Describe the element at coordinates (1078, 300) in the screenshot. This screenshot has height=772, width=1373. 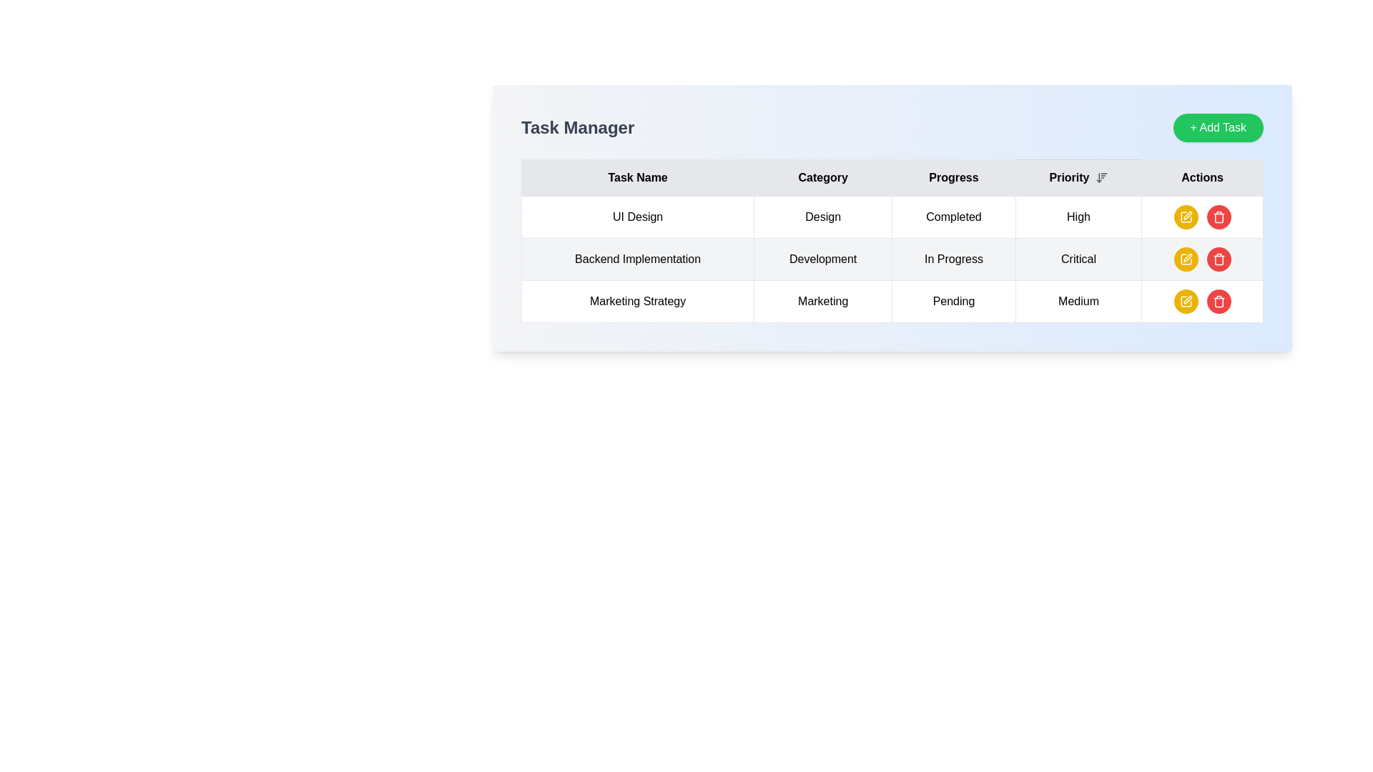
I see `the table cell containing the text 'Medium', which is located in the last visible cell of the row labeled 'Marketing Strategy' under the 'Priority' column header` at that location.